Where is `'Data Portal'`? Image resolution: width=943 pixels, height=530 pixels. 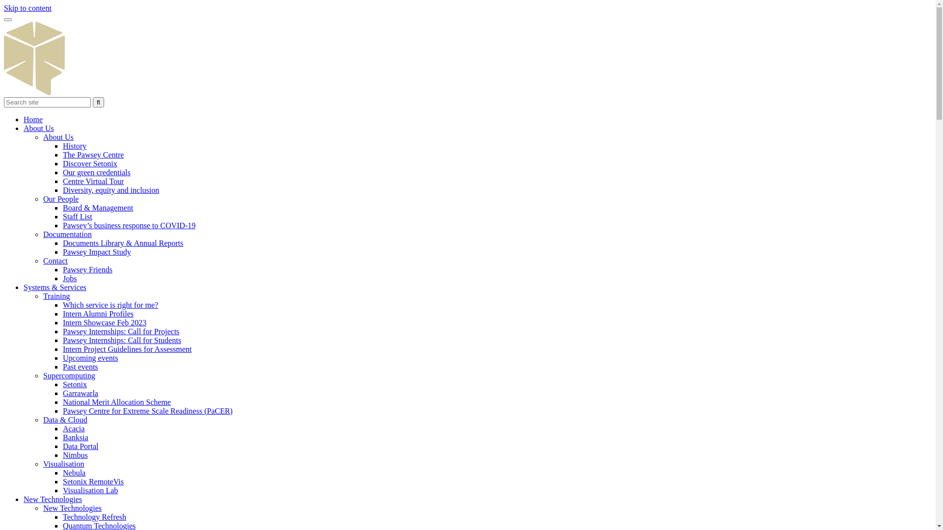 'Data Portal' is located at coordinates (80, 446).